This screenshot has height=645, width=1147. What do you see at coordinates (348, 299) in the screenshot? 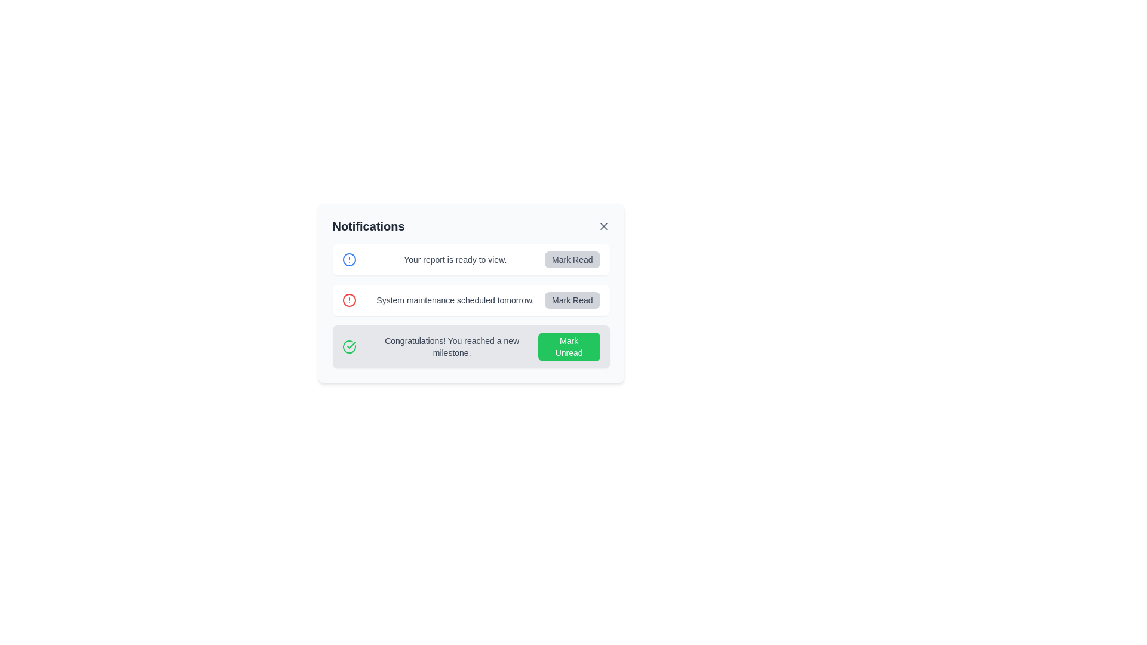
I see `the notification icon that indicates priority or importance, located to the left of the text 'System maintenance scheduled tomorrow.'` at bounding box center [348, 299].